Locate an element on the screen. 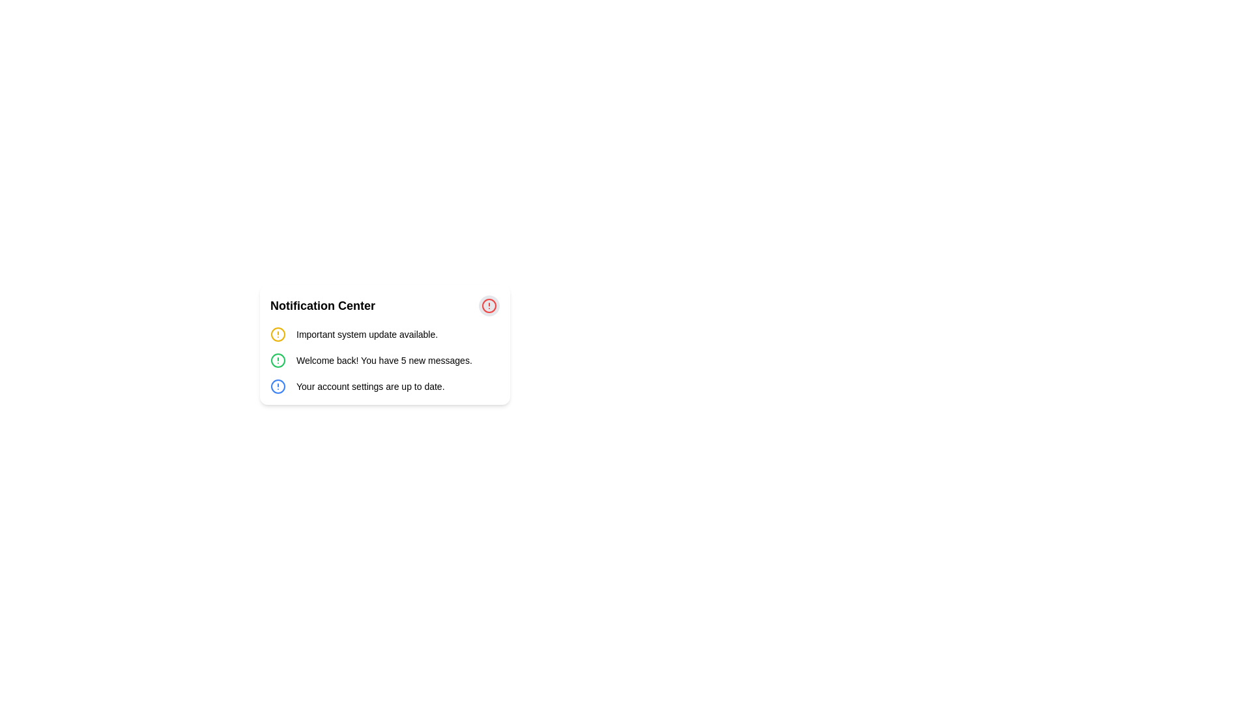 This screenshot has width=1251, height=703. the messages within the Notification Center panel, which is a rounded box with a shadow effect containing the title 'Notification Center' and three messages is located at coordinates (384, 344).